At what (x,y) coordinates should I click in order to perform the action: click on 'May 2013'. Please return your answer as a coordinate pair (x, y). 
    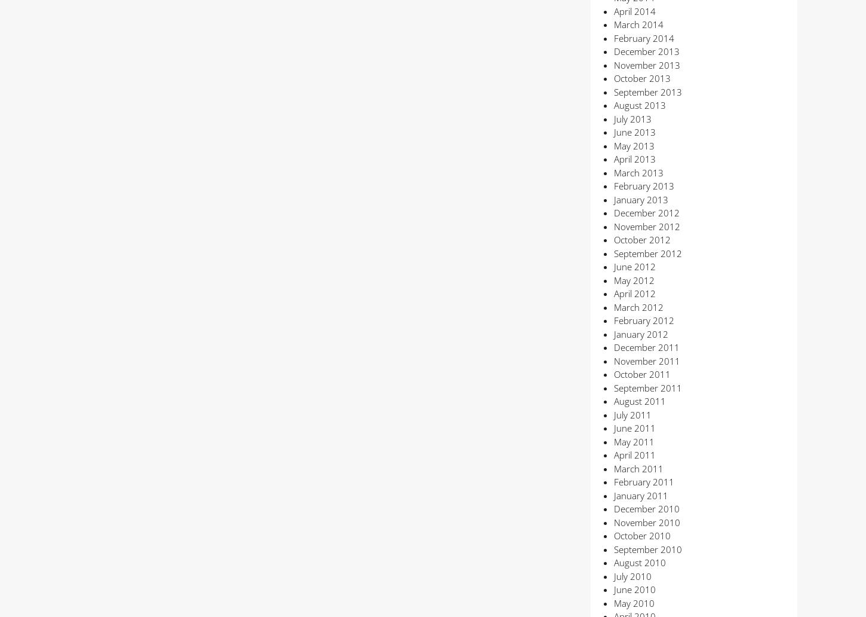
    Looking at the image, I should click on (633, 145).